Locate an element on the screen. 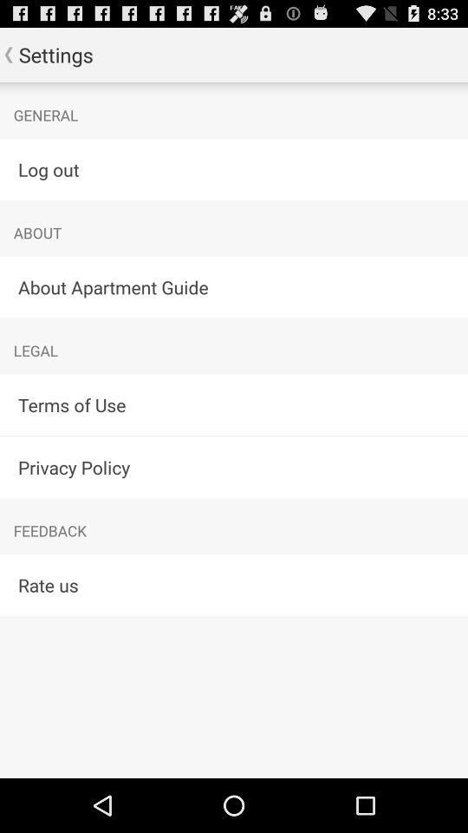 The height and width of the screenshot is (833, 468). terms of use app is located at coordinates (234, 404).